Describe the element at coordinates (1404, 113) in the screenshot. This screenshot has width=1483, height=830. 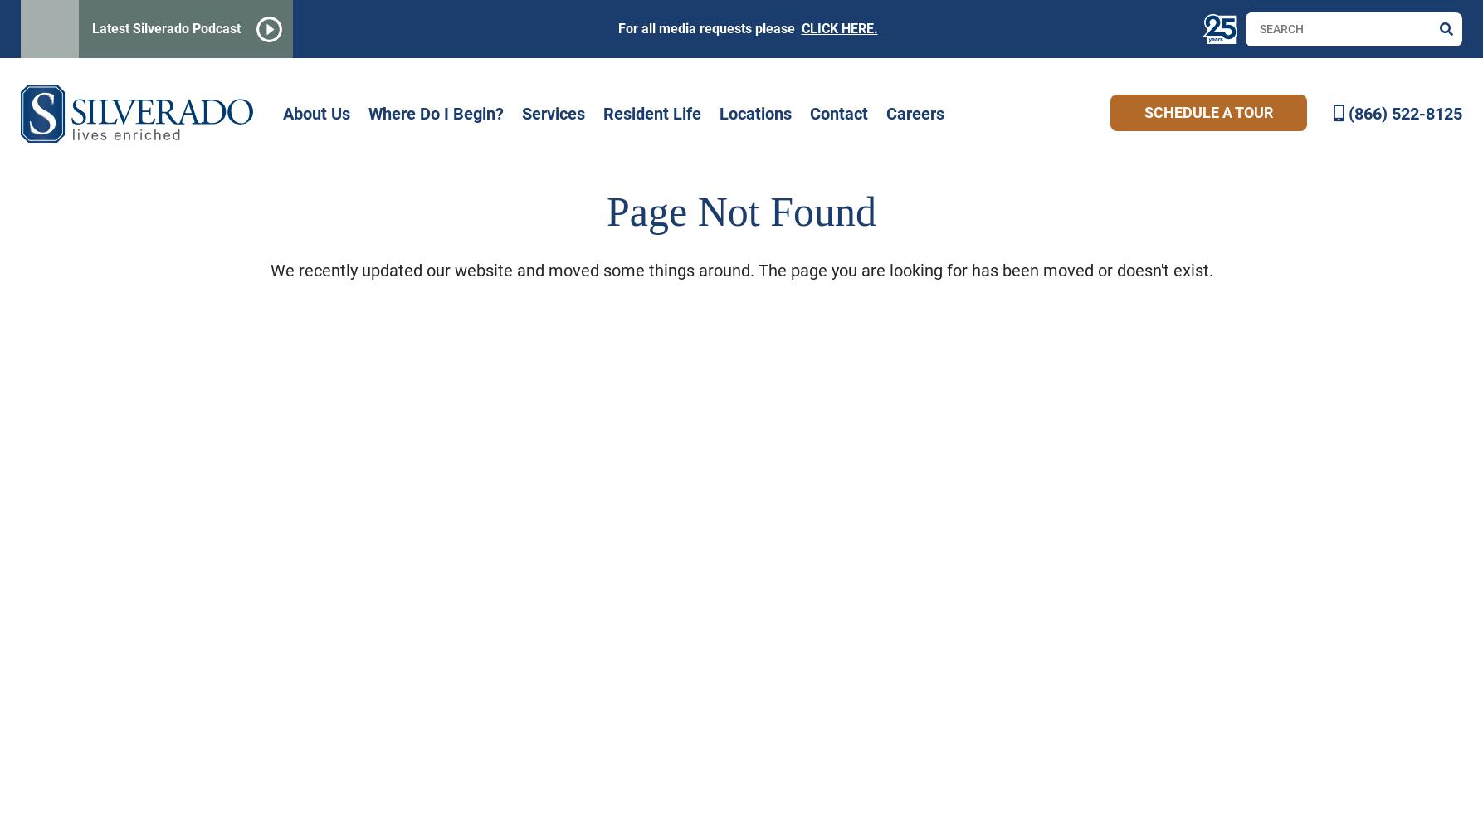
I see `'(866) 522-8125'` at that location.